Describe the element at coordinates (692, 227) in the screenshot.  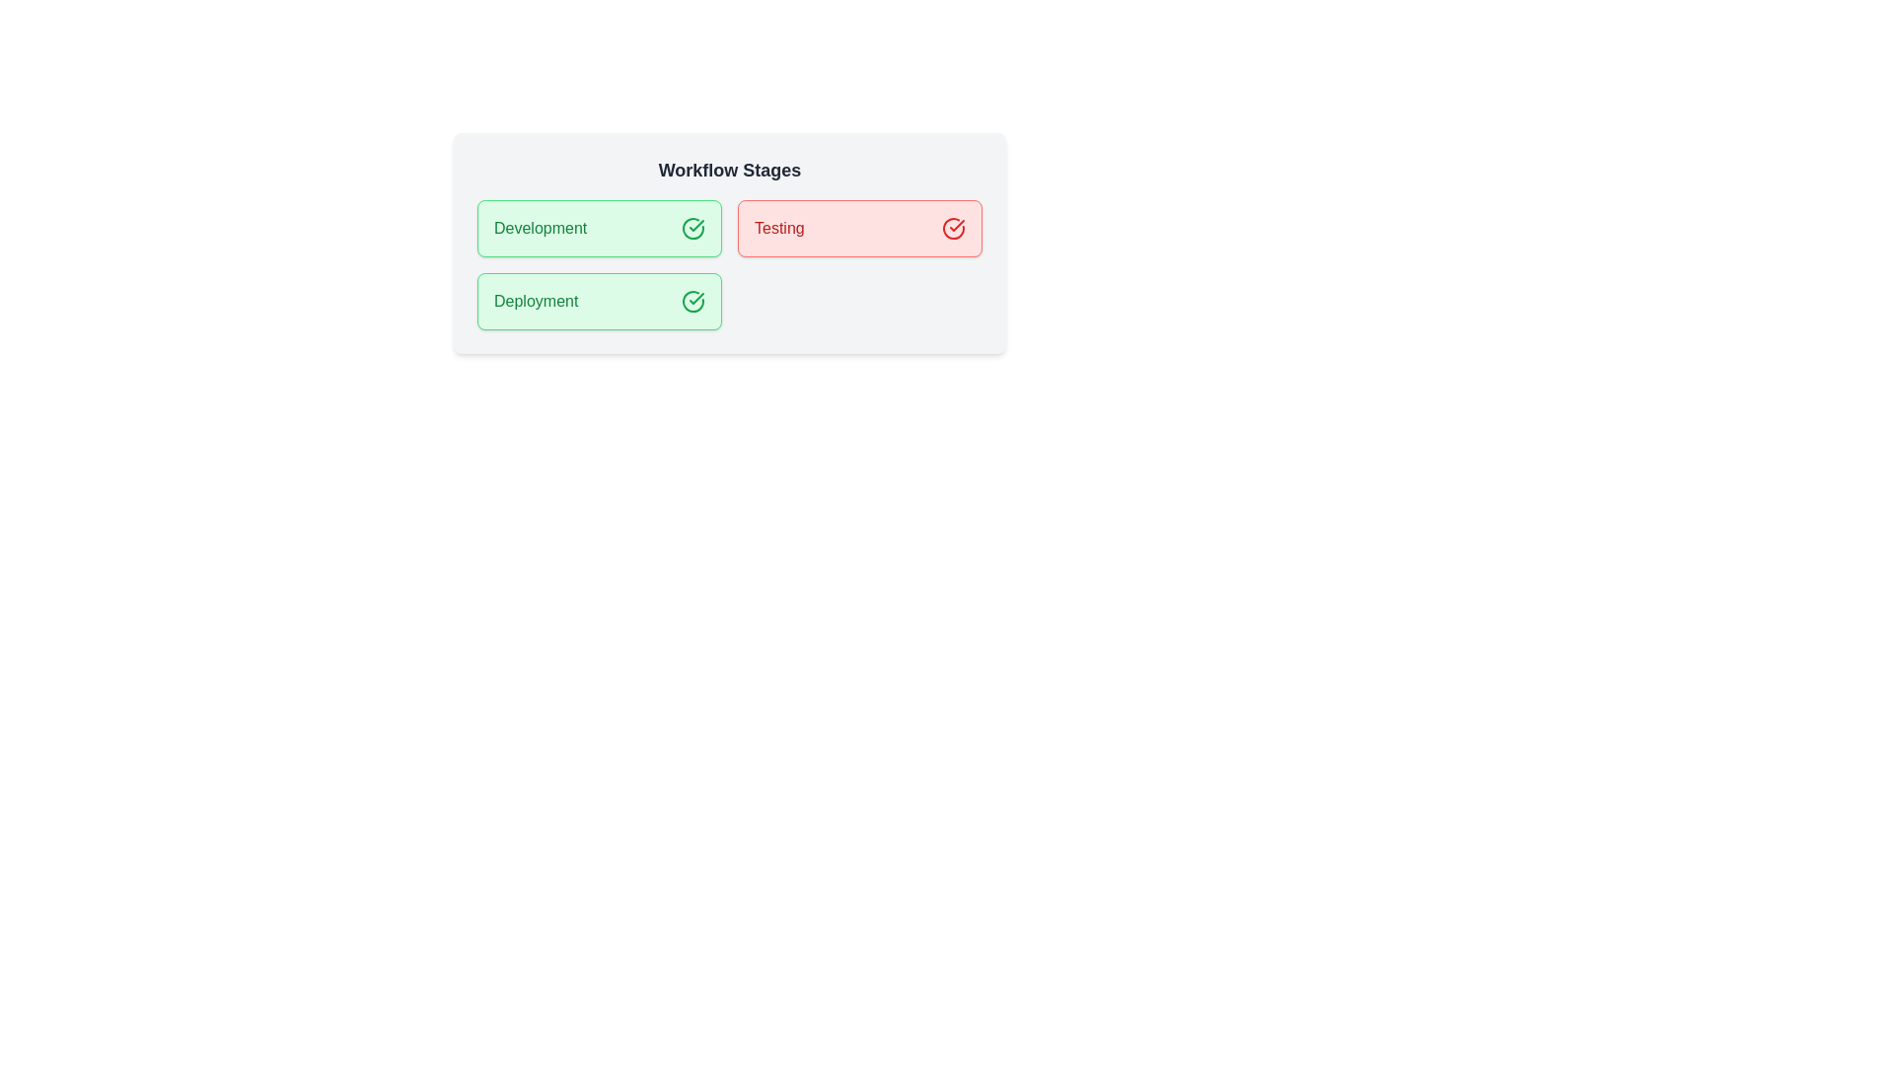
I see `the circular icon with a green checkmark outlined in green, which is positioned to the right of the 'Development' text` at that location.